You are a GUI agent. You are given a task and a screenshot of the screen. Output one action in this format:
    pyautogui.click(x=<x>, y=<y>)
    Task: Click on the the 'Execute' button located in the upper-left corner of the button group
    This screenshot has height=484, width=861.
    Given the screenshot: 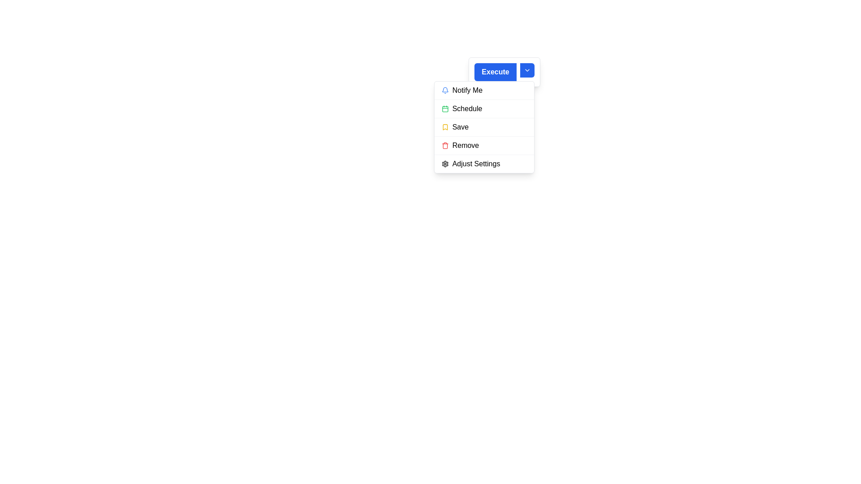 What is the action you would take?
    pyautogui.click(x=495, y=72)
    